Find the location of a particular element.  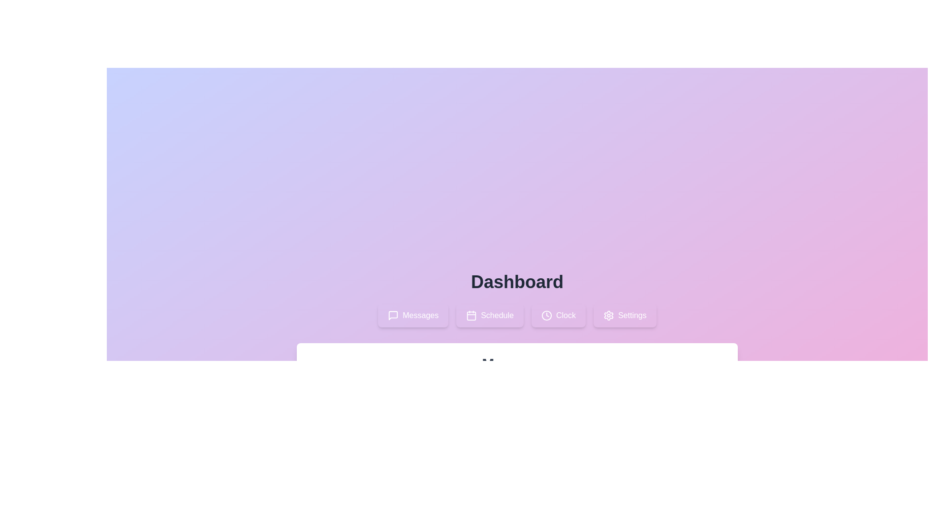

the Clock tab by clicking on it is located at coordinates (558, 315).